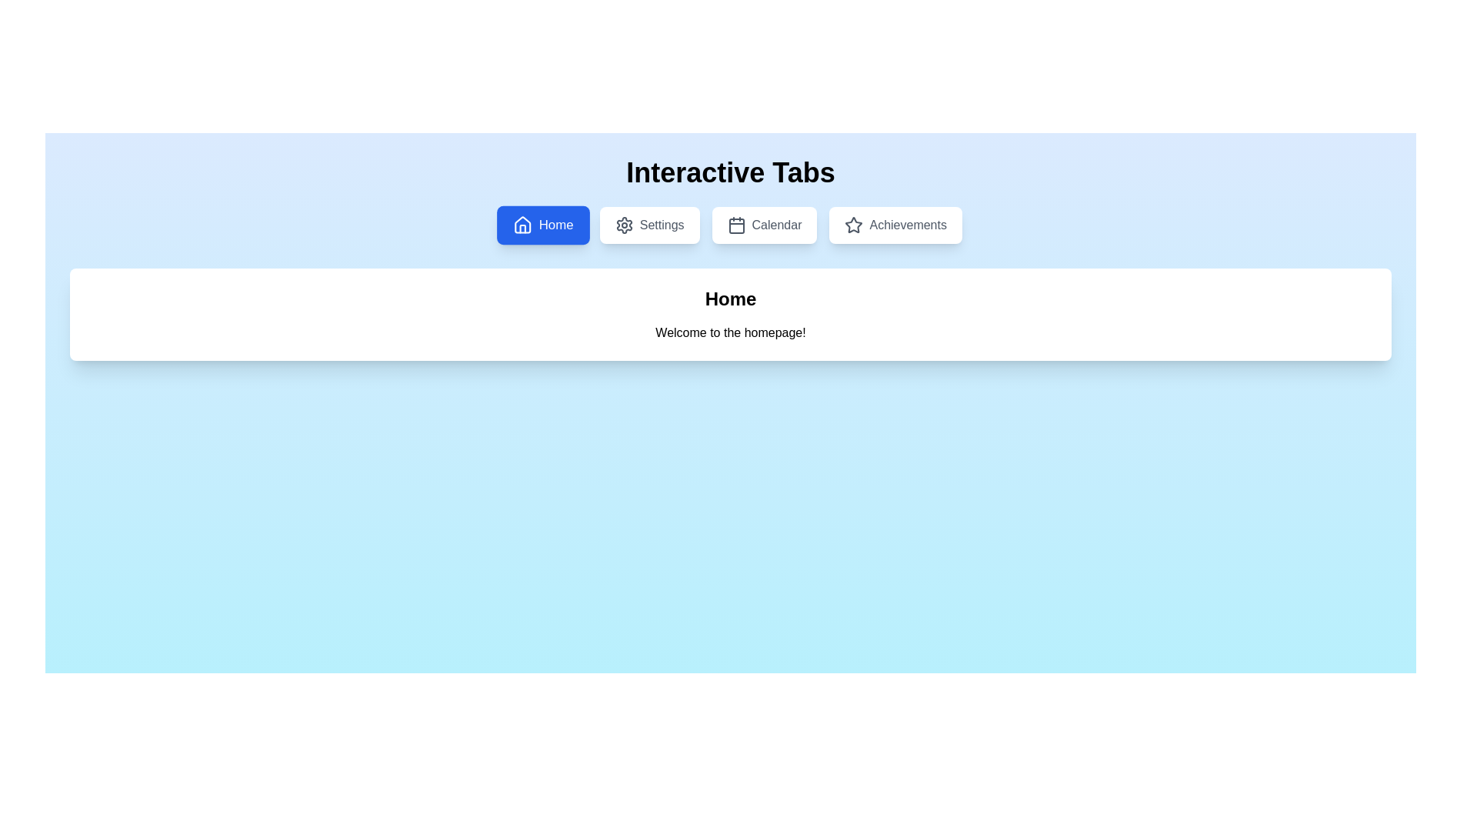 The width and height of the screenshot is (1477, 831). I want to click on the tab labeled Calendar to trigger its hover effect, so click(764, 225).